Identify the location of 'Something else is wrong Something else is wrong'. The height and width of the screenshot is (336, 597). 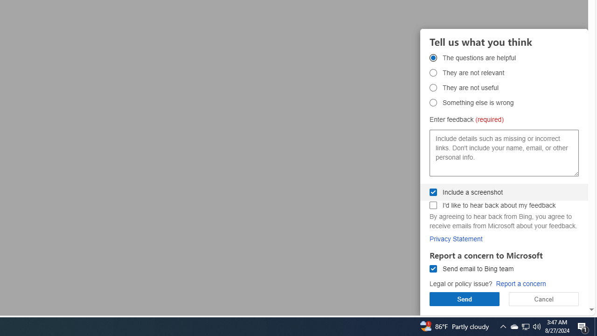
(433, 102).